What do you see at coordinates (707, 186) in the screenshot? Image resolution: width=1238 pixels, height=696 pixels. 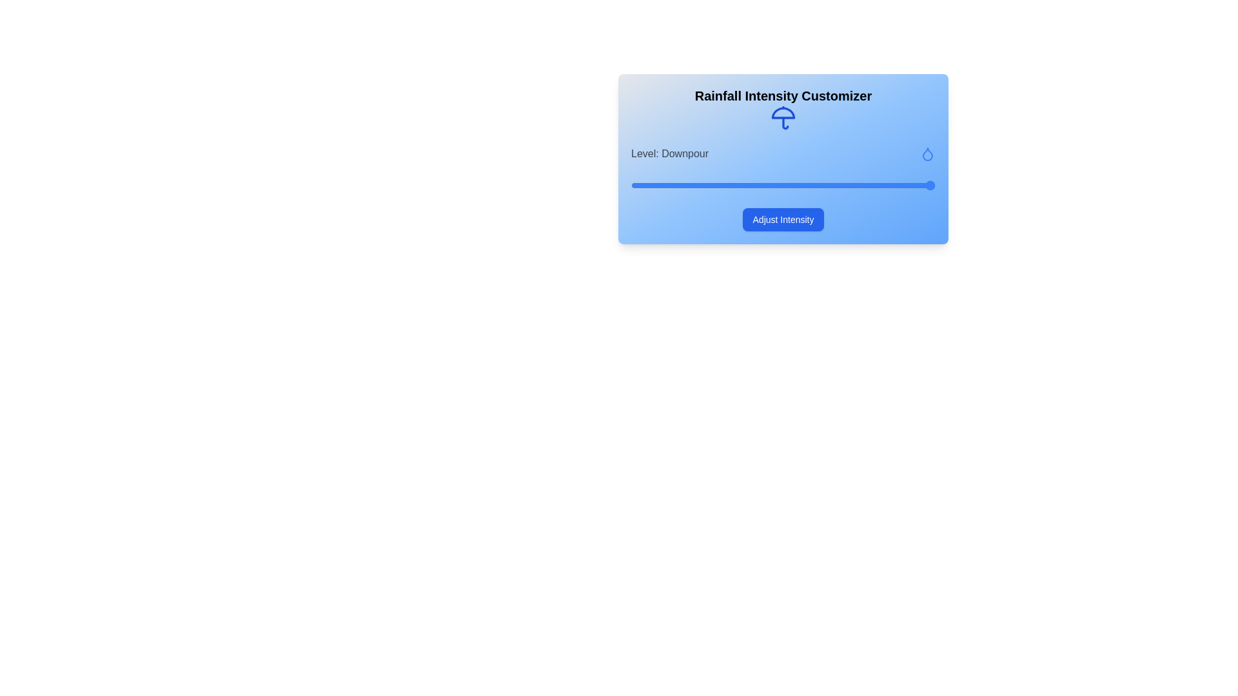 I see `the rainfall intensity slider to 1 level` at bounding box center [707, 186].